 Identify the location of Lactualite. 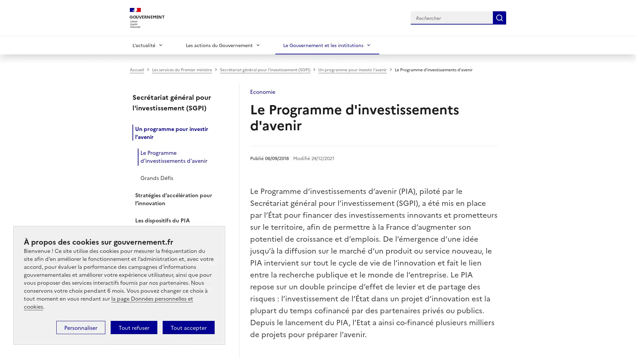
(147, 45).